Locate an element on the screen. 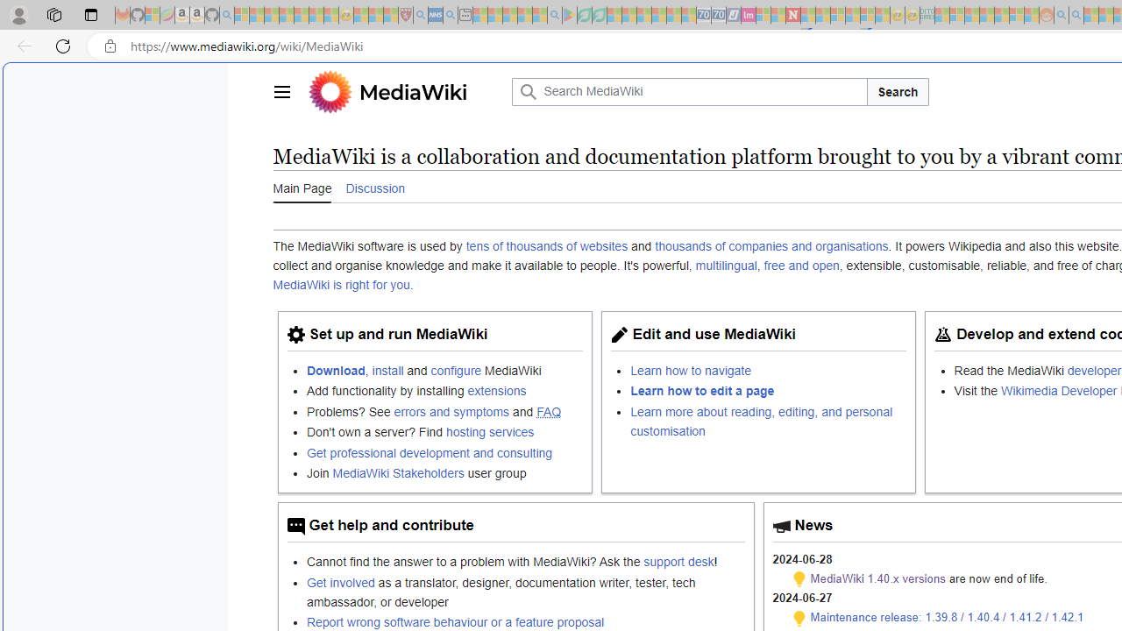 This screenshot has height=631, width=1122. 'errors and symptoms' is located at coordinates (451, 411).